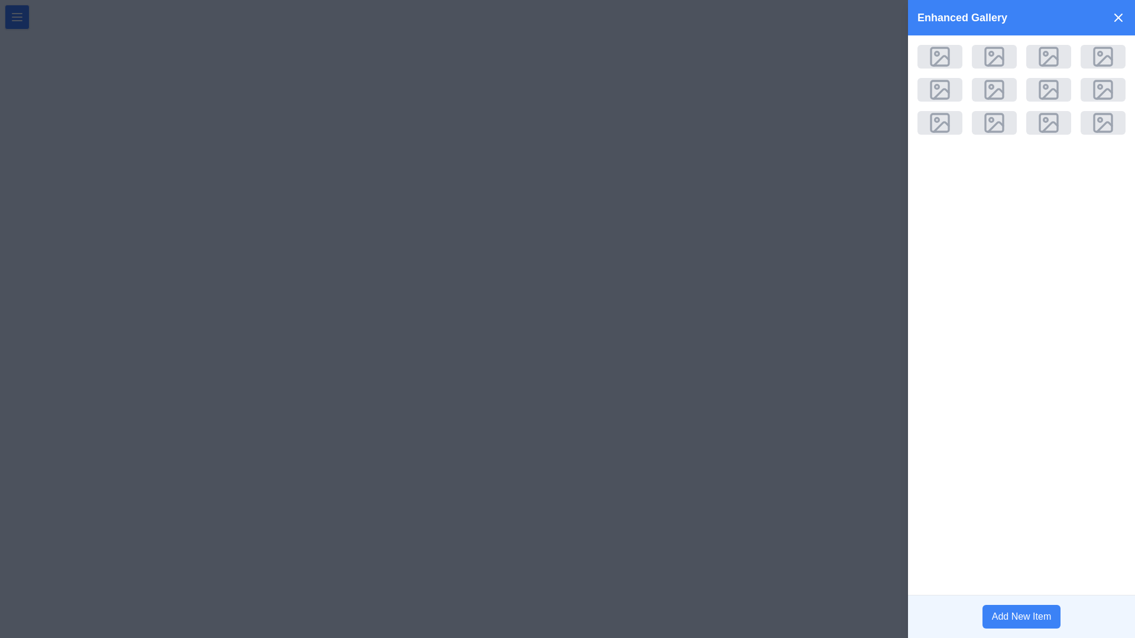 Image resolution: width=1135 pixels, height=638 pixels. What do you see at coordinates (1049, 89) in the screenshot?
I see `the image upload icon located in the fourth column and second row of the 'Enhanced Gallery' modal window` at bounding box center [1049, 89].